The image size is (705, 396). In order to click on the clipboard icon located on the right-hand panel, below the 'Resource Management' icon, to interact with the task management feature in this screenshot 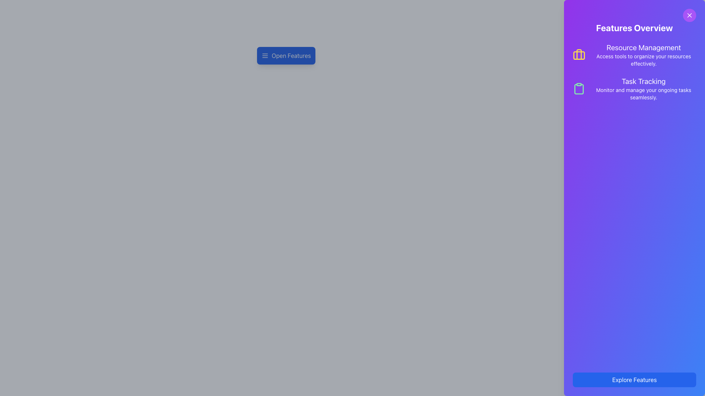, I will do `click(578, 89)`.